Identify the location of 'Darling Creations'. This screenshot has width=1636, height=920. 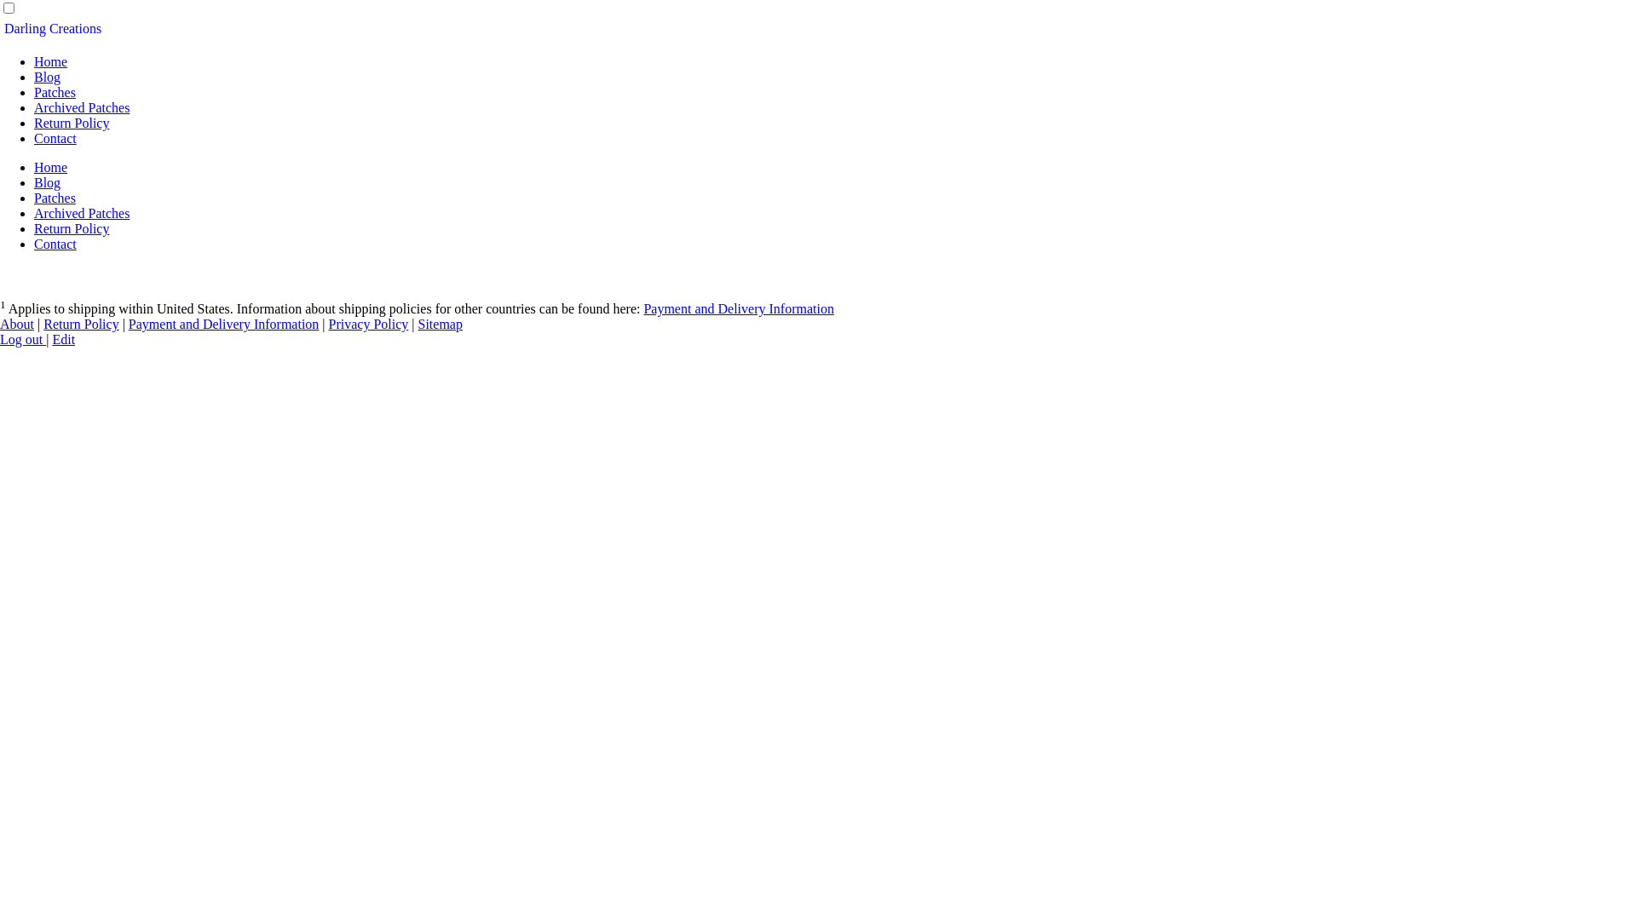
(53, 28).